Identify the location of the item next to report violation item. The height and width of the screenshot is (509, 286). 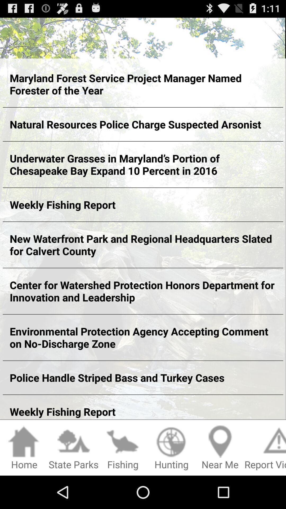
(220, 448).